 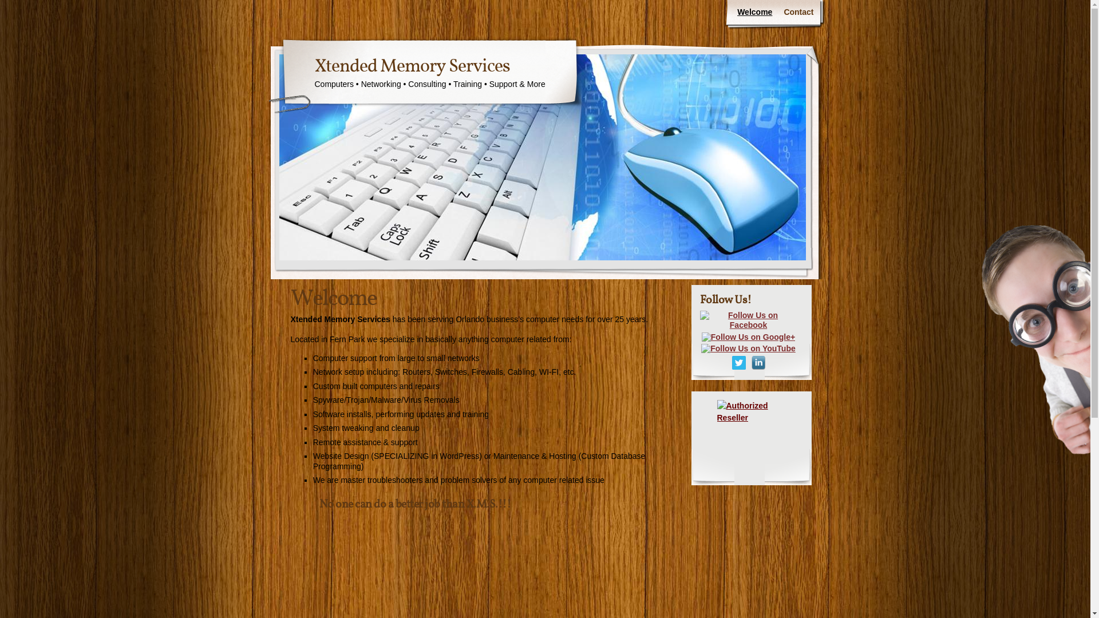 I want to click on 'Follow Us on Facebook', so click(x=748, y=320).